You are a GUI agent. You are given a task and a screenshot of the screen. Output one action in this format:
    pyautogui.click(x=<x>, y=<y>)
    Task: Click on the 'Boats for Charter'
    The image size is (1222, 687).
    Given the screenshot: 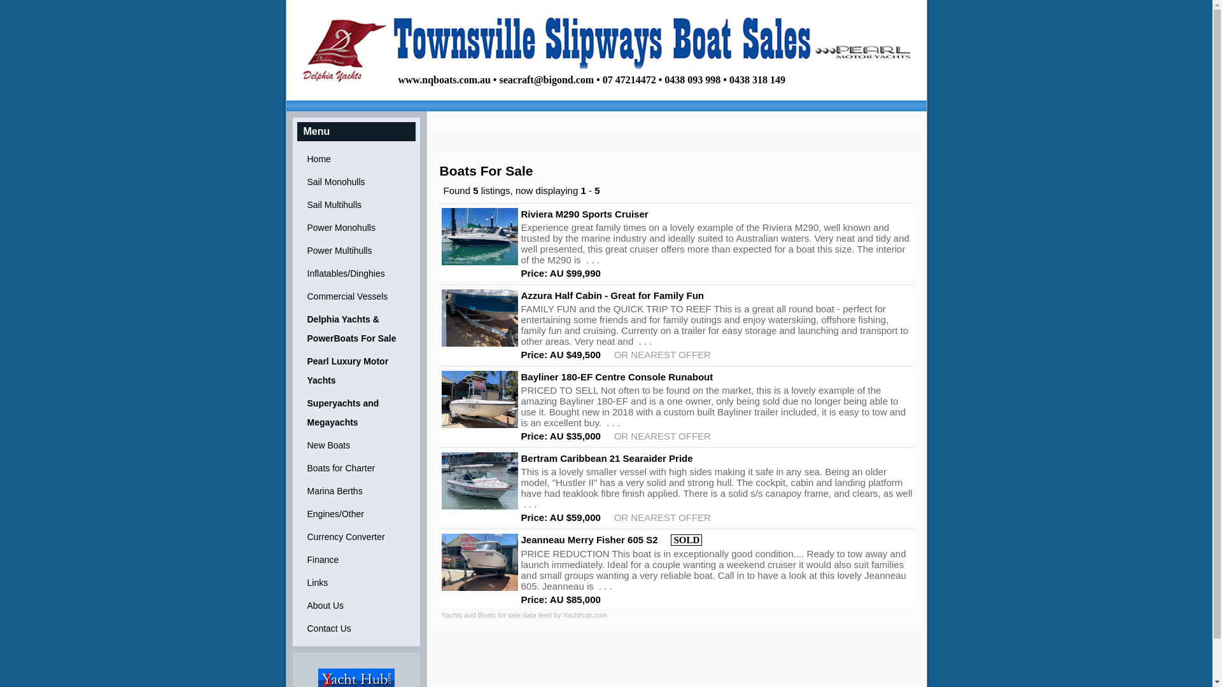 What is the action you would take?
    pyautogui.click(x=356, y=468)
    